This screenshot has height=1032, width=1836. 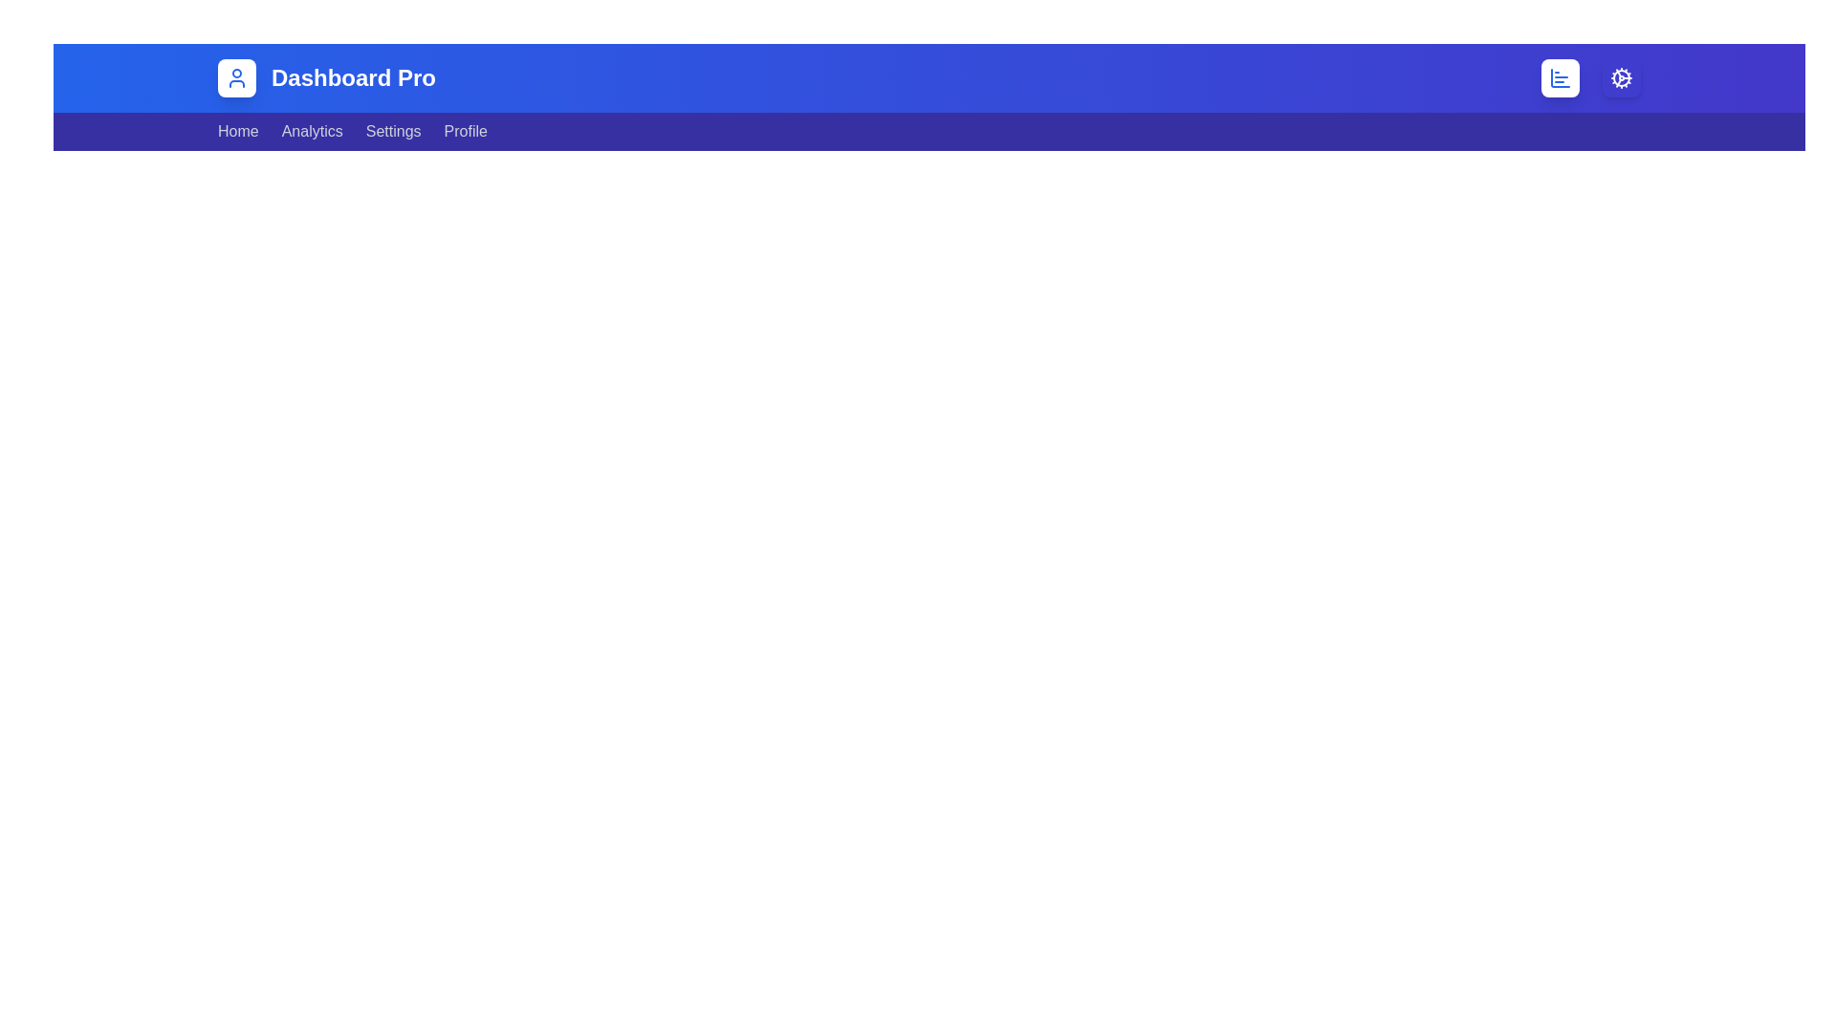 What do you see at coordinates (1620, 76) in the screenshot?
I see `the settings button` at bounding box center [1620, 76].